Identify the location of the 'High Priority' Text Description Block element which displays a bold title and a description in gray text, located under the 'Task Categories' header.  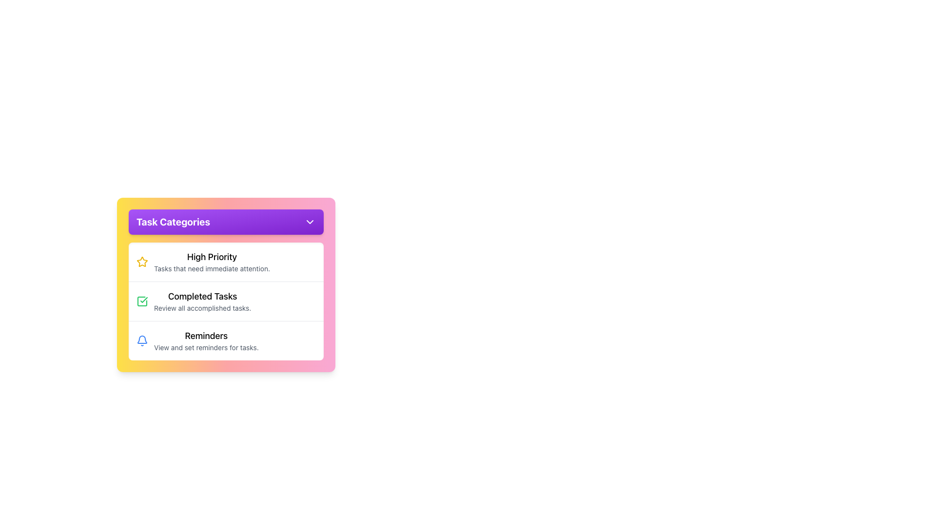
(212, 261).